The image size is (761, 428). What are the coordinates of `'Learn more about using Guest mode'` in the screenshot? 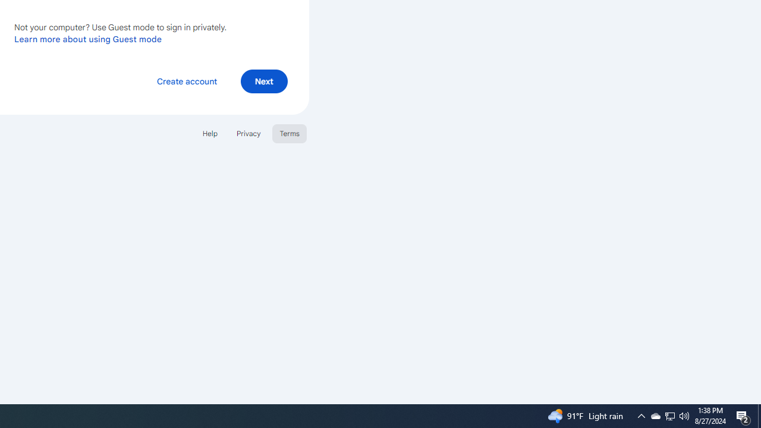 It's located at (87, 38).